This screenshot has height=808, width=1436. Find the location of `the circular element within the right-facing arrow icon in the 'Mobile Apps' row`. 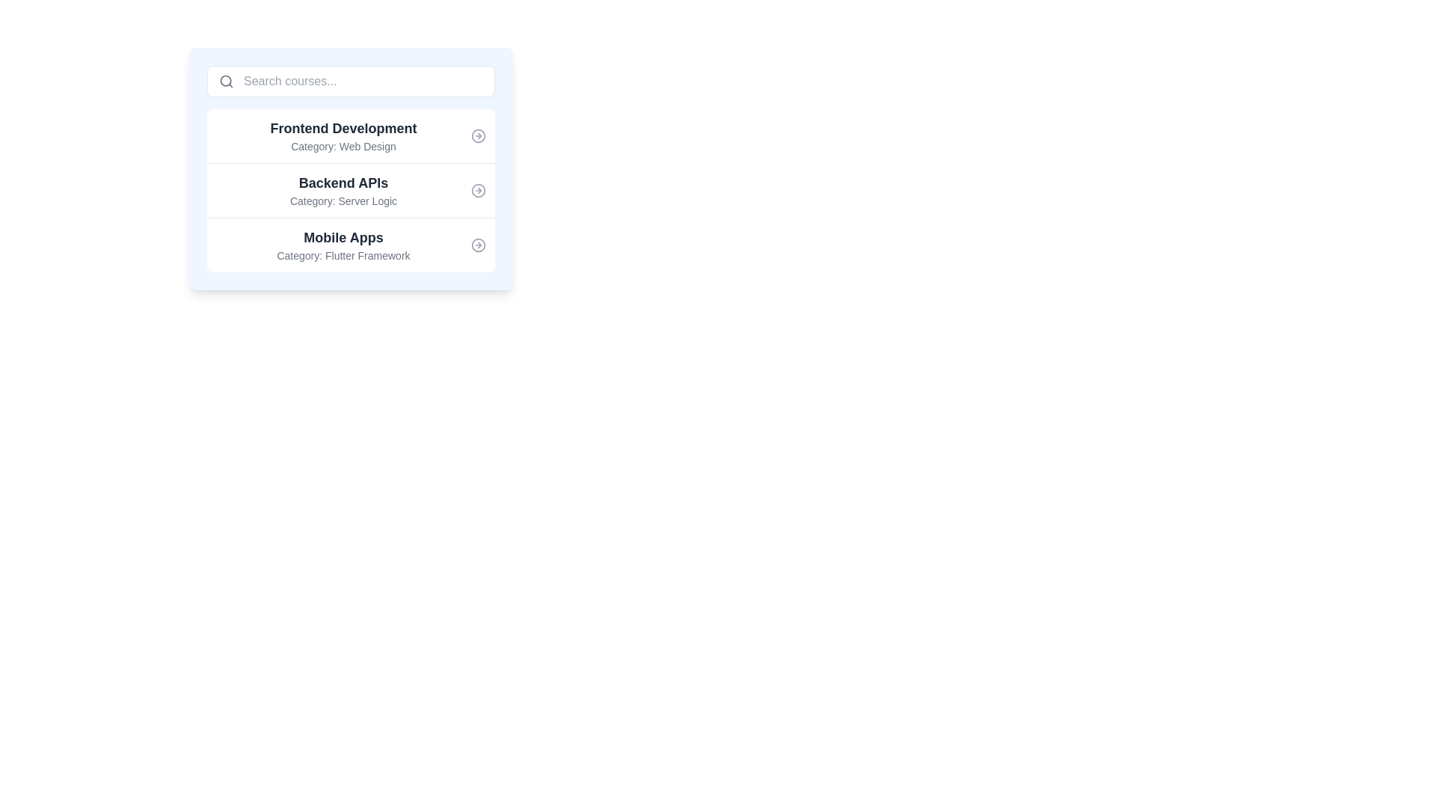

the circular element within the right-facing arrow icon in the 'Mobile Apps' row is located at coordinates (477, 244).